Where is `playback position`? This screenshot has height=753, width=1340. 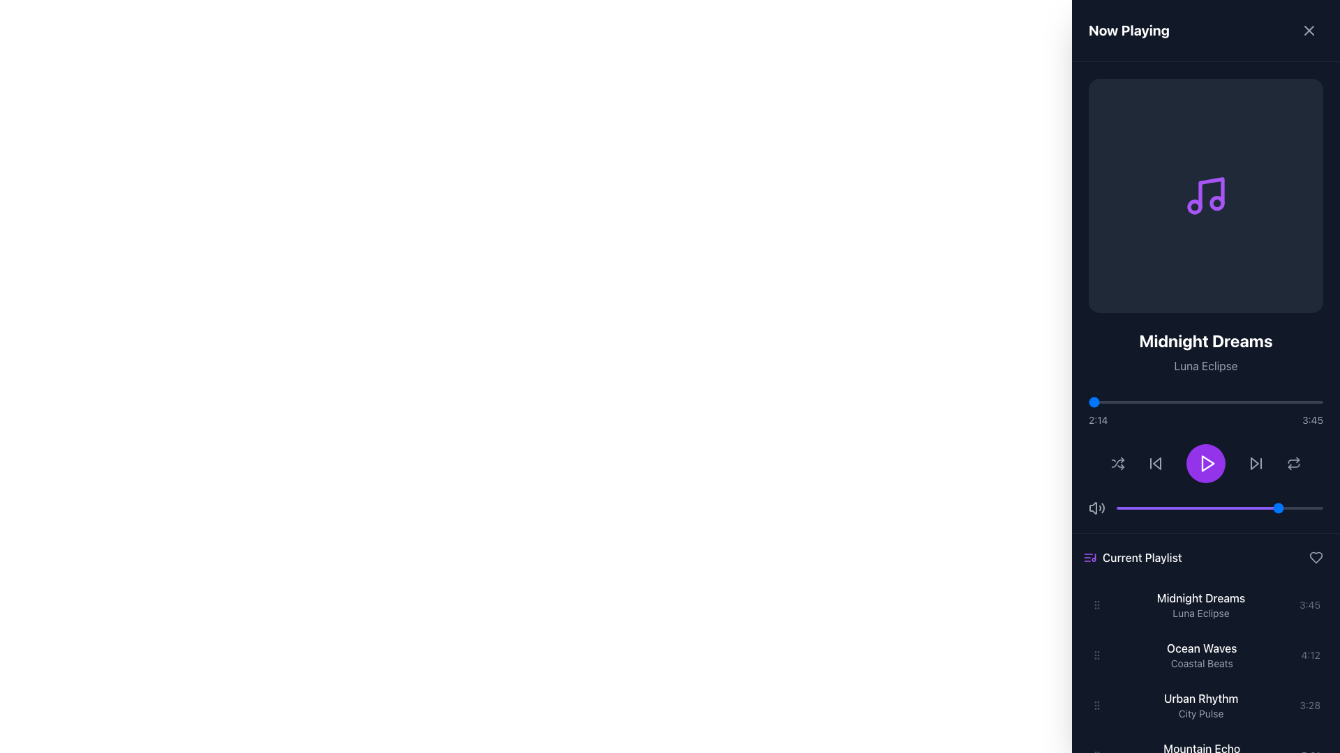 playback position is located at coordinates (1192, 402).